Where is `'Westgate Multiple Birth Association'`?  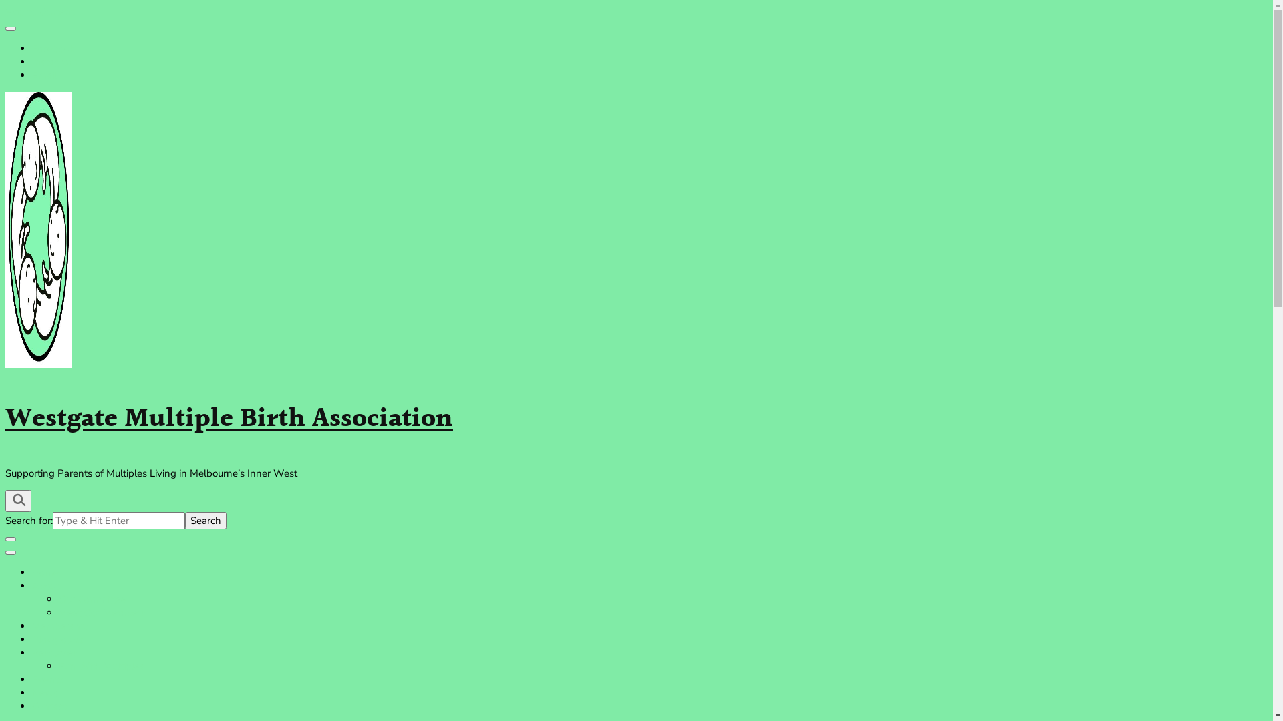 'Westgate Multiple Birth Association' is located at coordinates (229, 418).